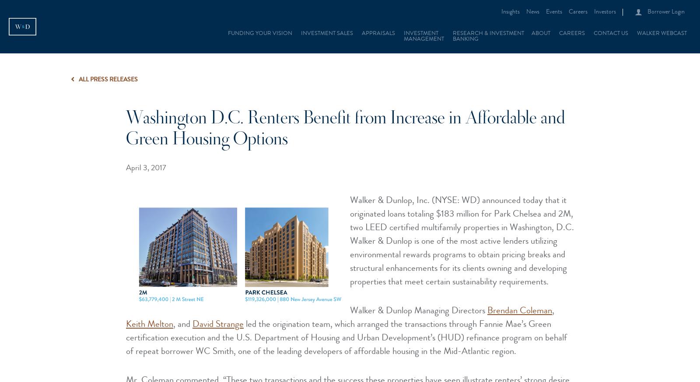  Describe the element at coordinates (540, 33) in the screenshot. I see `'About'` at that location.